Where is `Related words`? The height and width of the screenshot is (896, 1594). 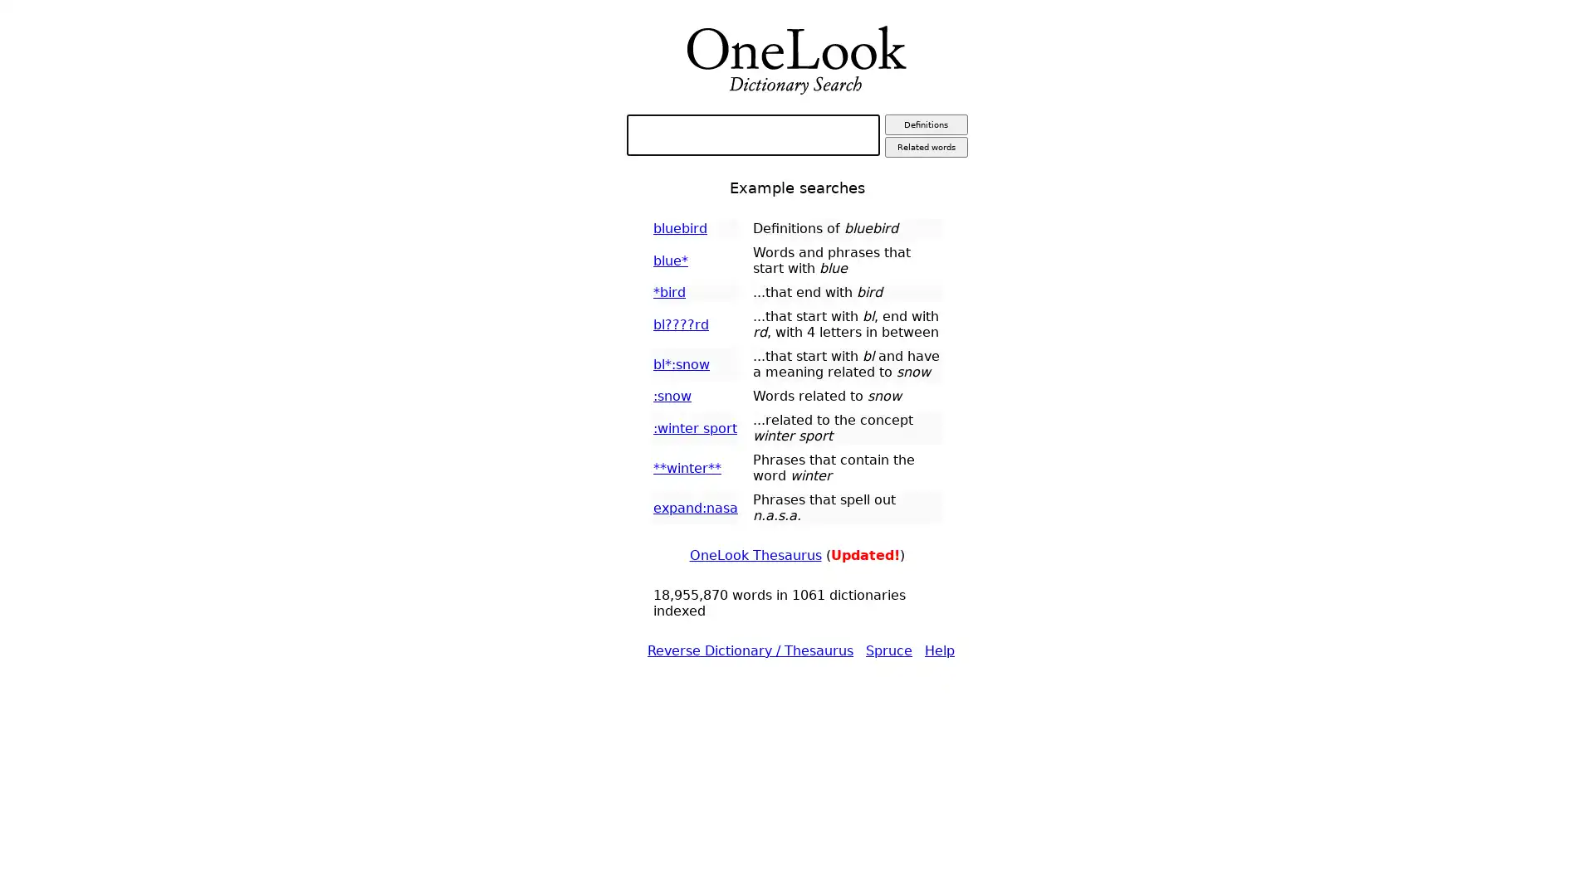 Related words is located at coordinates (924, 146).